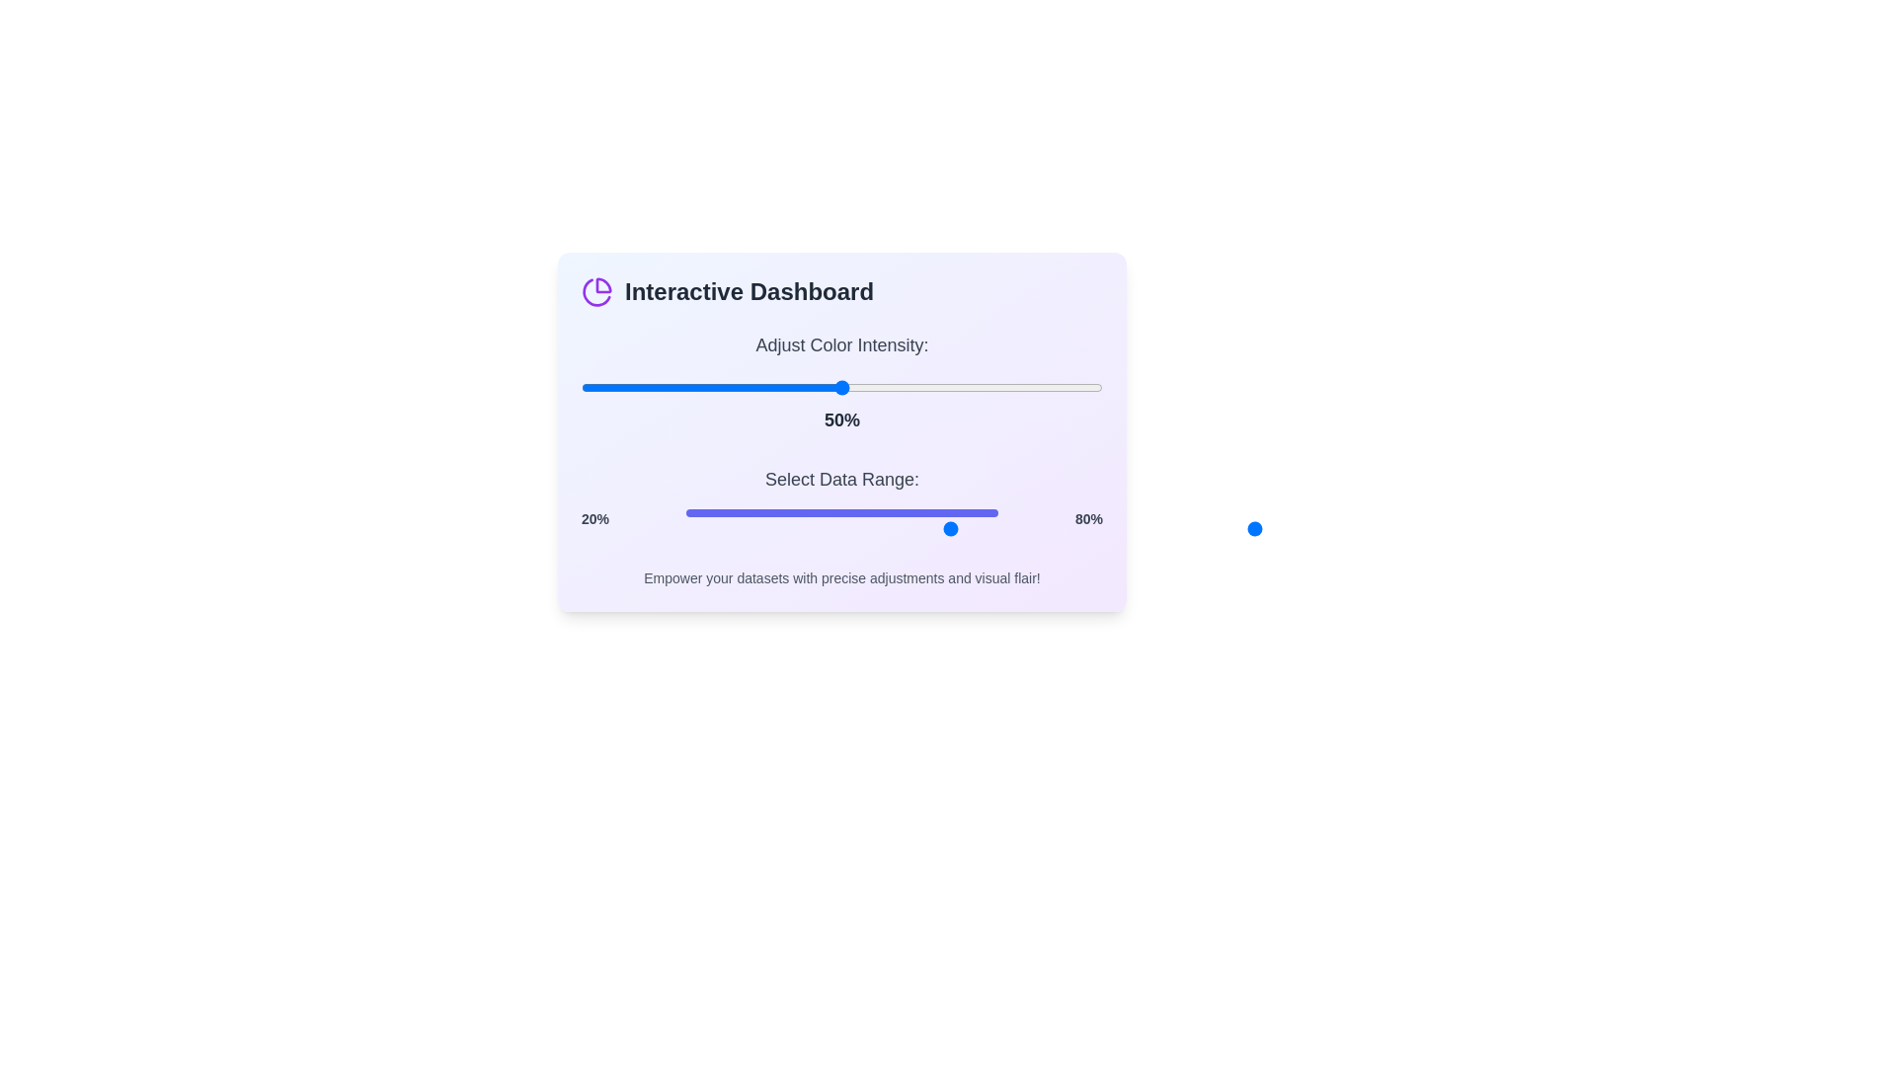 The width and height of the screenshot is (1896, 1066). I want to click on the range slider for additional information about adjusting the color intensity setting, which is currently marked as '50%', so click(842, 388).